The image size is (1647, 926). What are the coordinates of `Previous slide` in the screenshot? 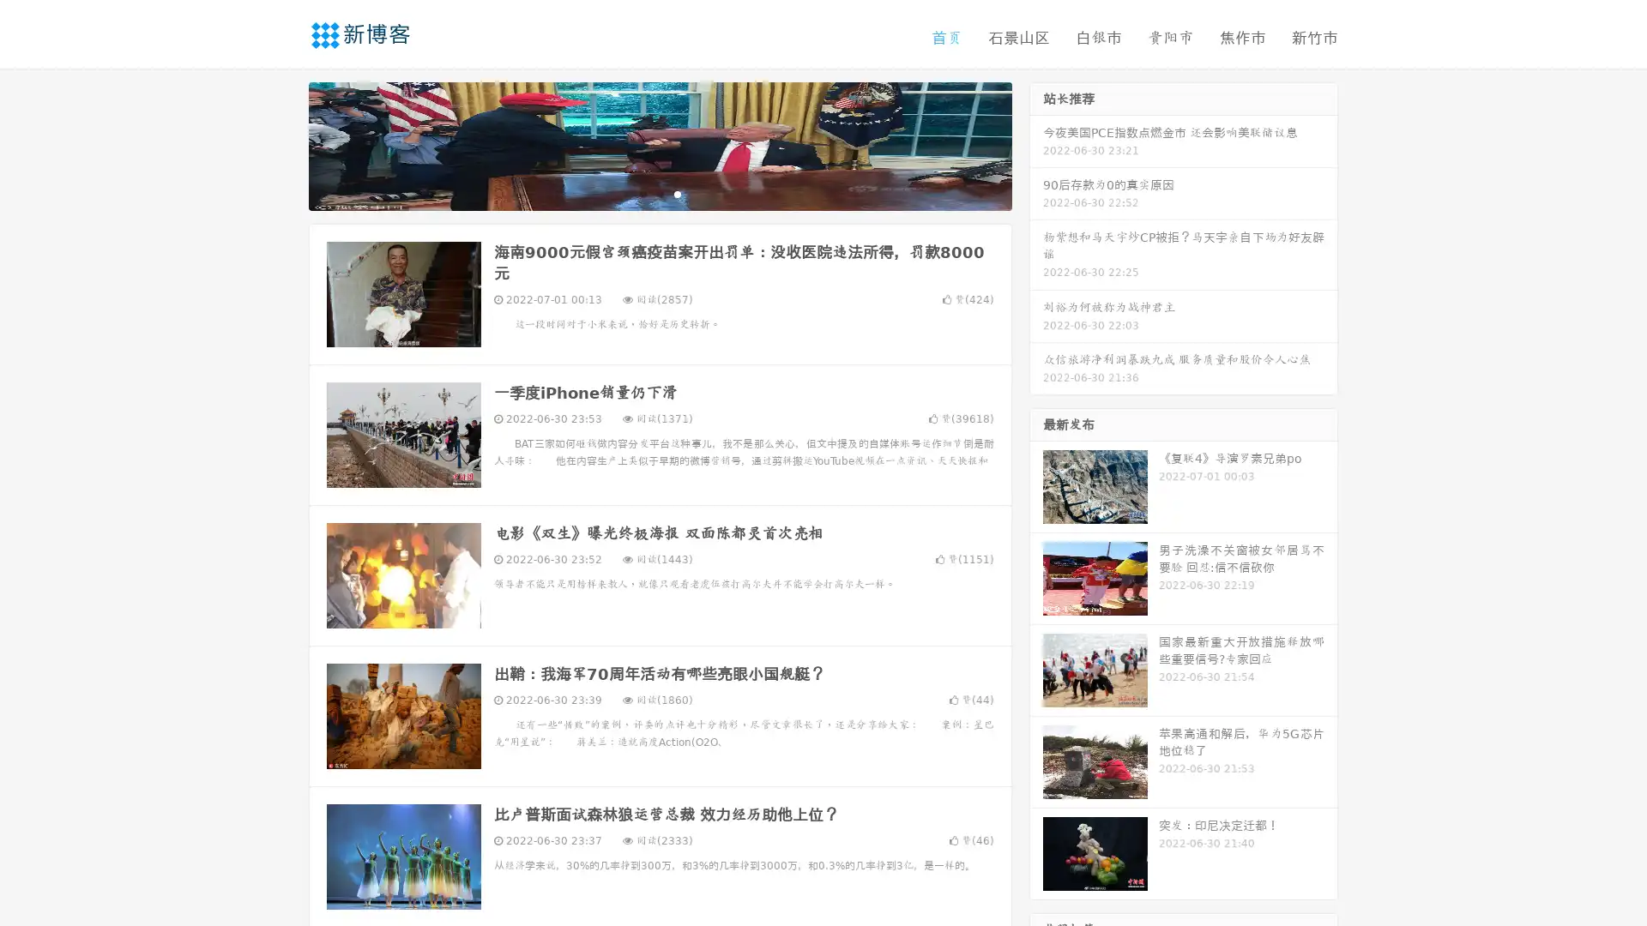 It's located at (283, 144).